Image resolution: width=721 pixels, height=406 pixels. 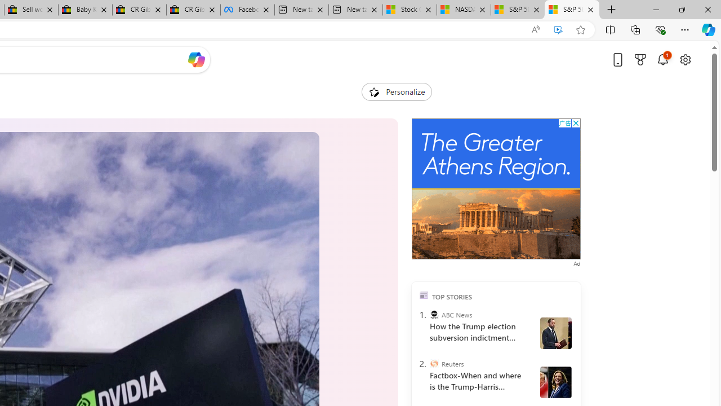 What do you see at coordinates (433, 364) in the screenshot?
I see `'Reuters'` at bounding box center [433, 364].